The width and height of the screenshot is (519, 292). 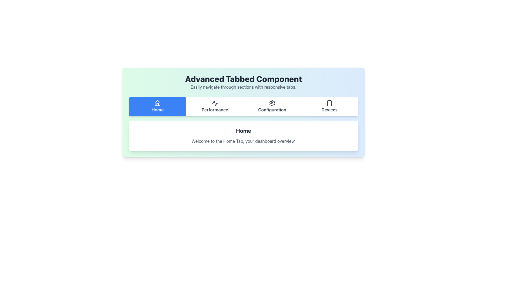 What do you see at coordinates (215, 106) in the screenshot?
I see `the 'Performance' tab button in the horizontal tab bar` at bounding box center [215, 106].